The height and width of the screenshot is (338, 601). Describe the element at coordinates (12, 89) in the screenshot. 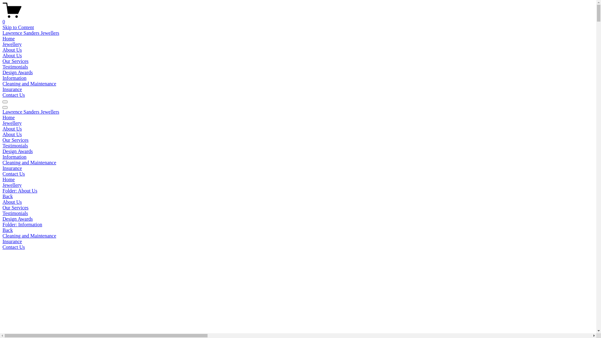

I see `'Insurance'` at that location.